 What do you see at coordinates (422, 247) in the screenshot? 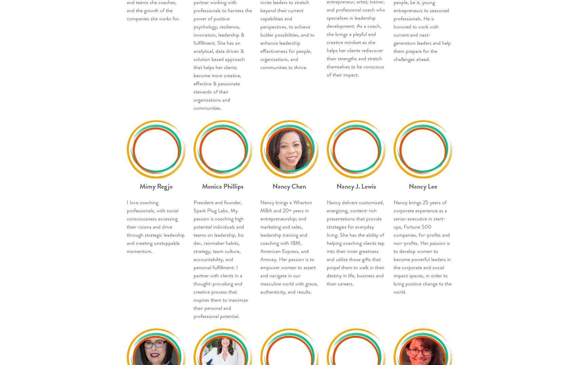
I see `'Nancy brings 25 years of corporate experience as a senior executive in start-ups, Fortune 500 companies, for-profits and non-profits. Her passion is to develop women to become powerful leaders in the corporate and social impact spaces, in order to bring positive change to the world.'` at bounding box center [422, 247].